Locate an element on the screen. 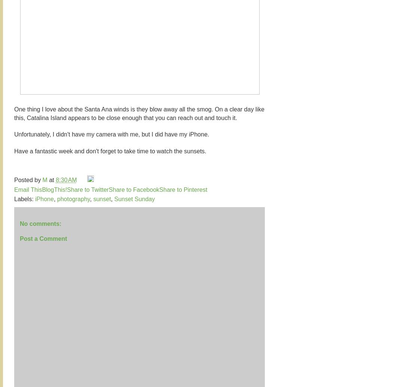  'Share to Pinterest' is located at coordinates (183, 189).